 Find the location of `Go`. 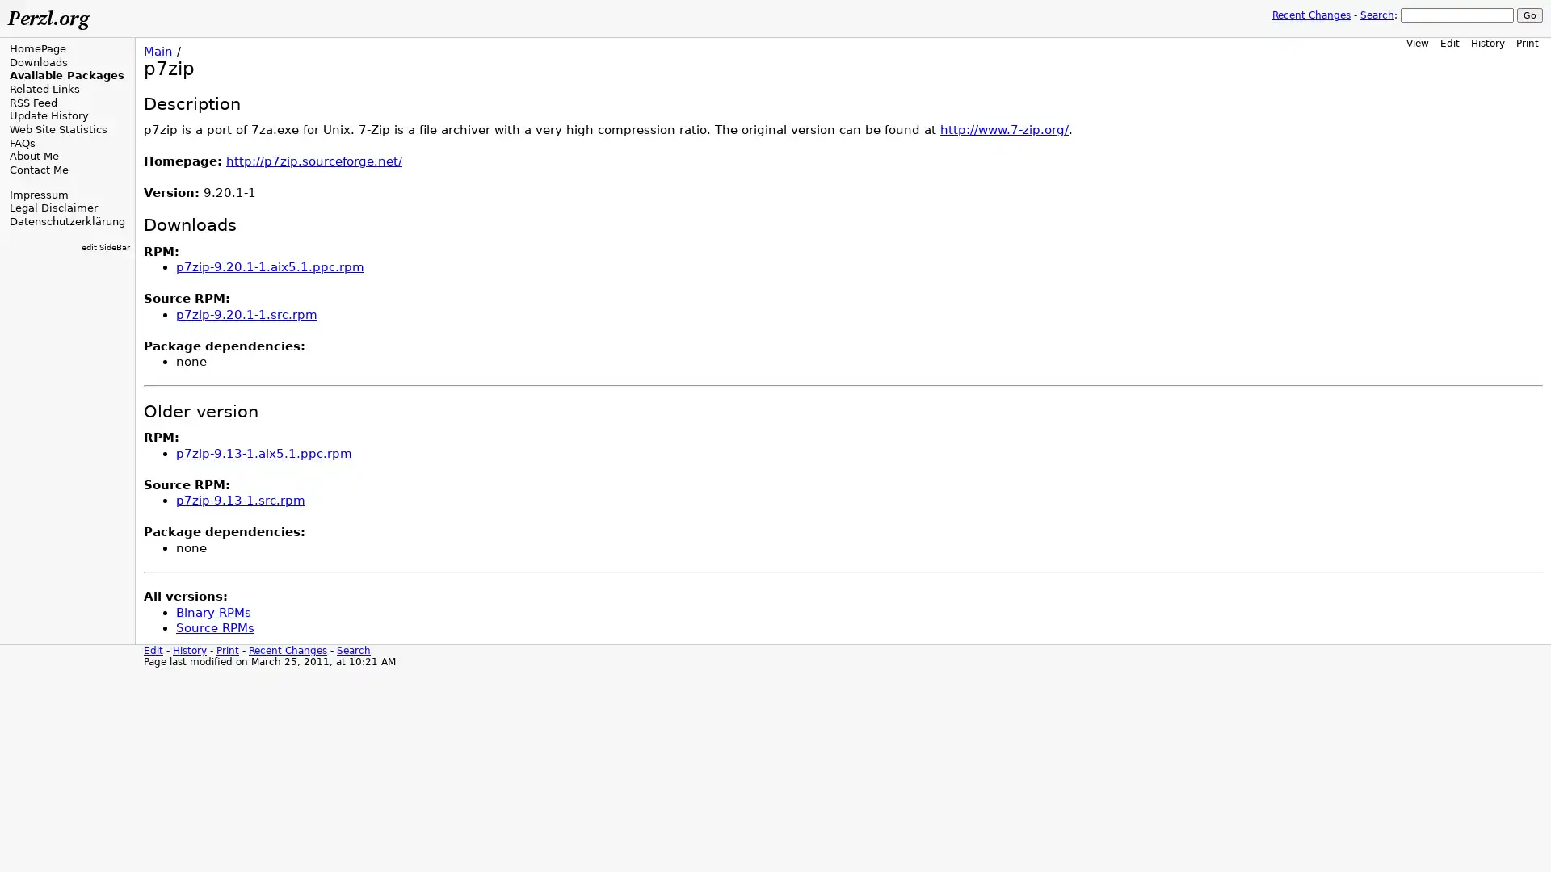

Go is located at coordinates (1529, 15).